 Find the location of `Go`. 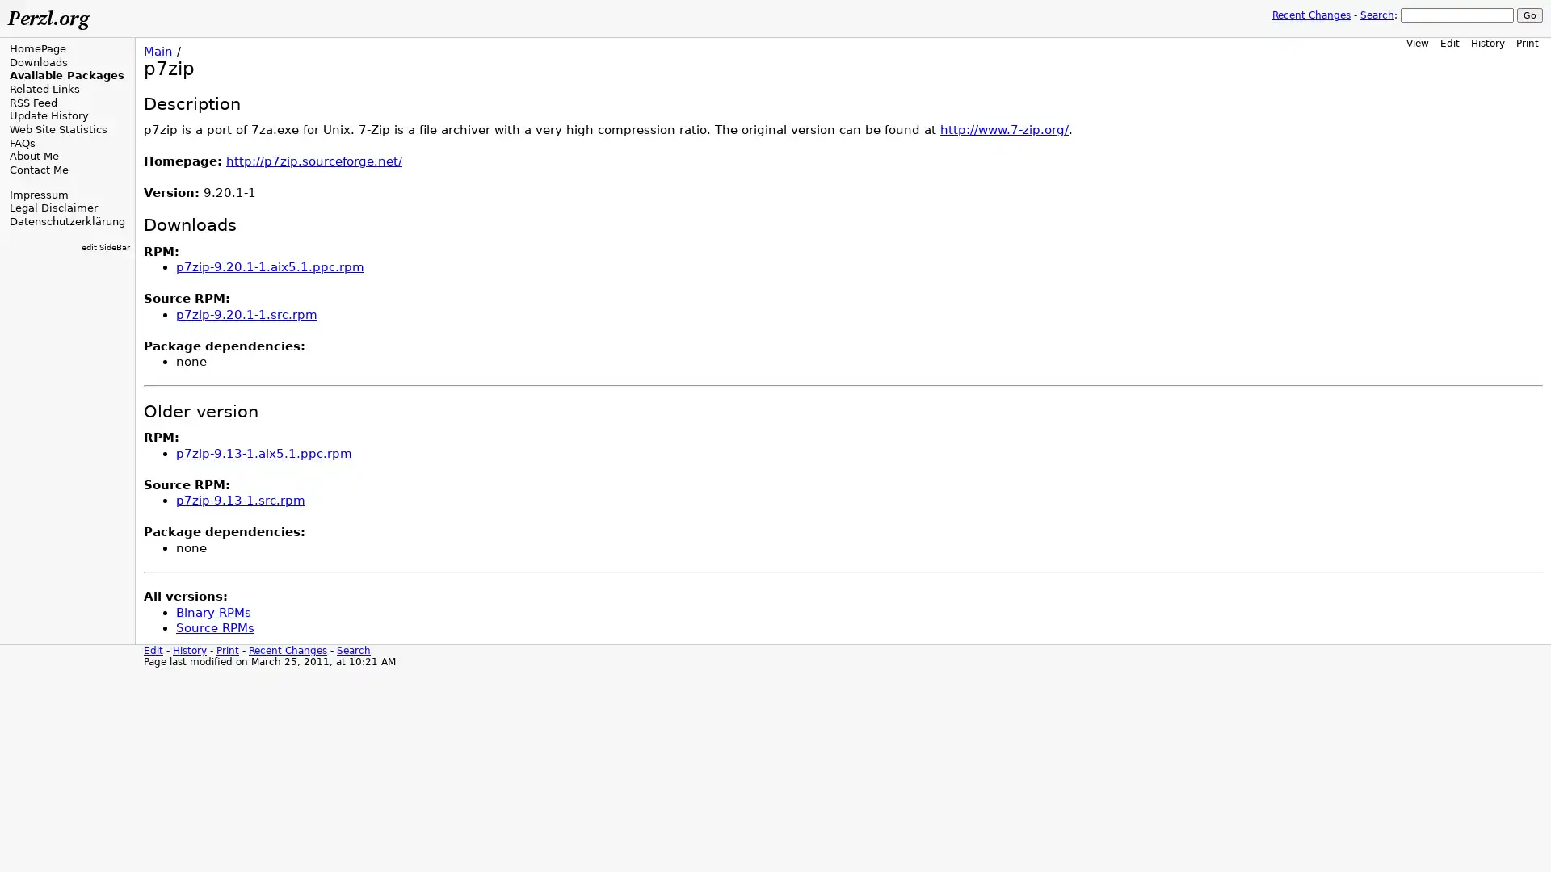

Go is located at coordinates (1529, 15).